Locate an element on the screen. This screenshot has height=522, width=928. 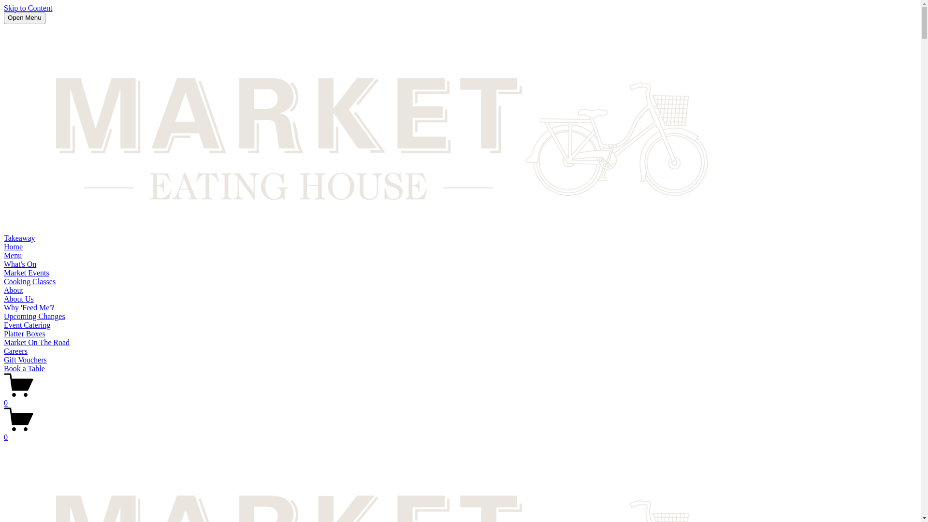
'Event Catering' is located at coordinates (4, 325).